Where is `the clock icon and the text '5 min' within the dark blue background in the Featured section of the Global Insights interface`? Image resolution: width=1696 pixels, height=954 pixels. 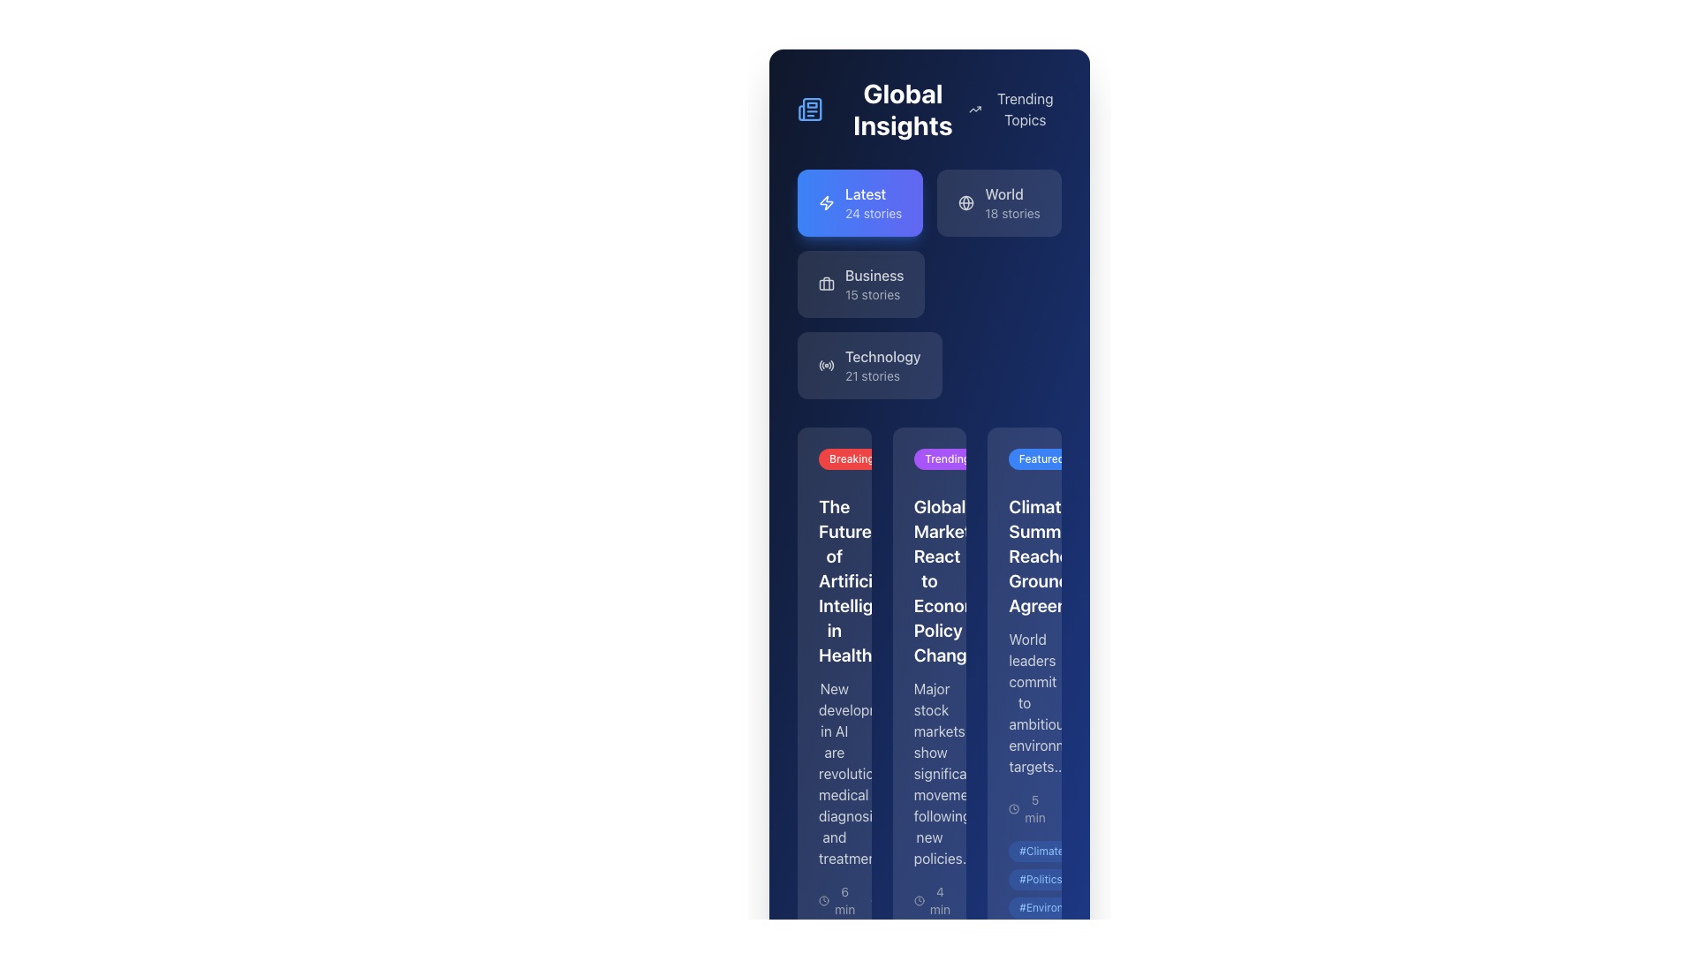
the clock icon and the text '5 min' within the dark blue background in the Featured section of the Global Insights interface is located at coordinates (1025, 808).